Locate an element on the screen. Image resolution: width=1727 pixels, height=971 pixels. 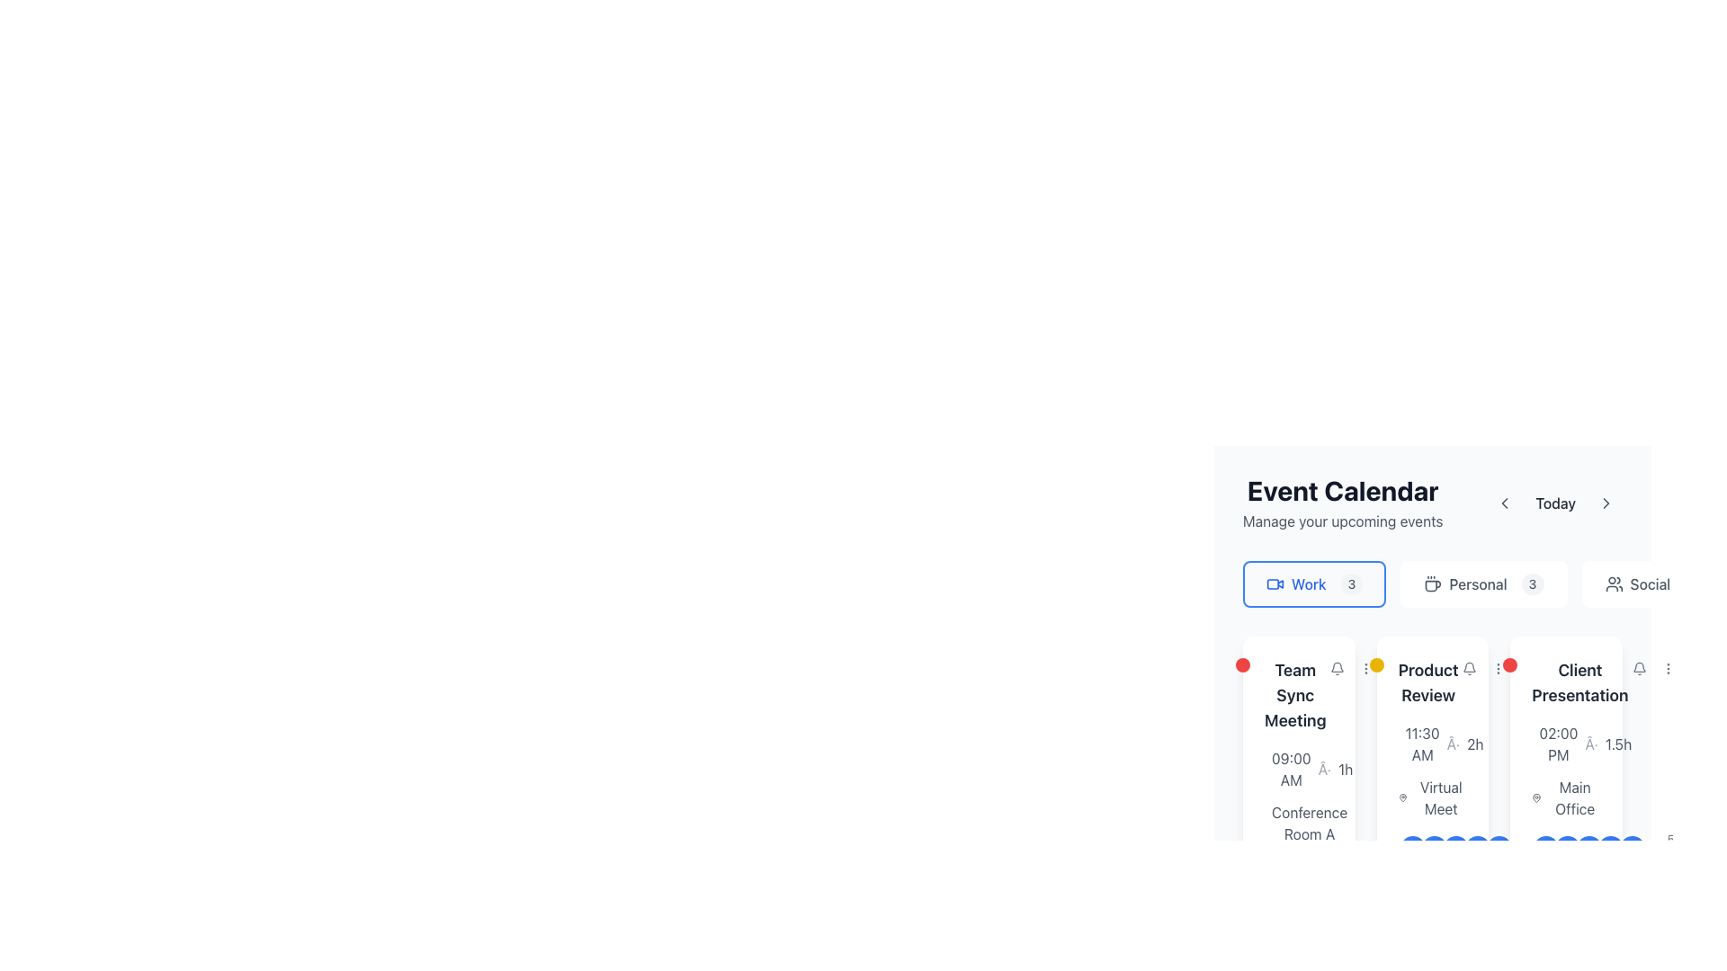
the small circular button with a right-facing chevron icon located to the right of the 'Today' label is located at coordinates (1606, 503).